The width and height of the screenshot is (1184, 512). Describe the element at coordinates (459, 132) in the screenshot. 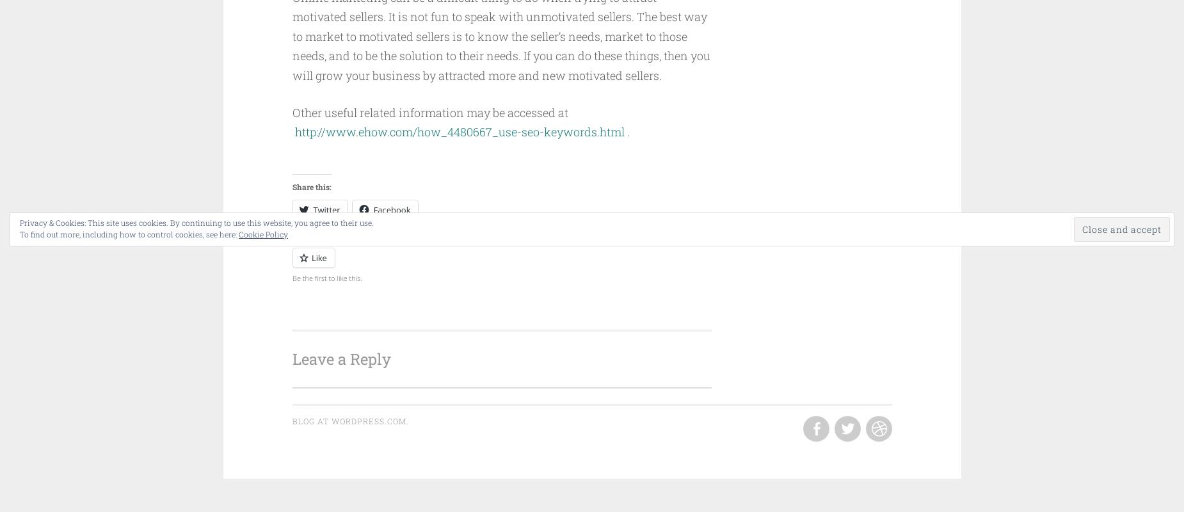

I see `'http://www.ehow.com/how_4480667_use-seo-keywords.html'` at that location.